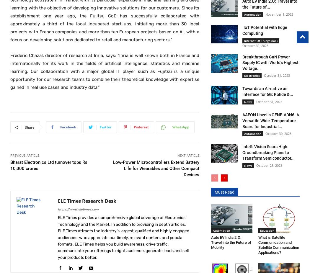 The image size is (310, 273). Describe the element at coordinates (123, 237) in the screenshot. I see `'ELE Times provides a comprehensive global coverage of Electronics, Technology and the Market. In addition to providing in depth articles, ELE Times attracts the industry’s largest, qualified and highly engaged audiences, who appreciate our timely, relevant content and popular formats. ELE Times helps you build awareness, drive traffic, communicate your offerings to right audience, generate leads and sell your products better.'` at that location.